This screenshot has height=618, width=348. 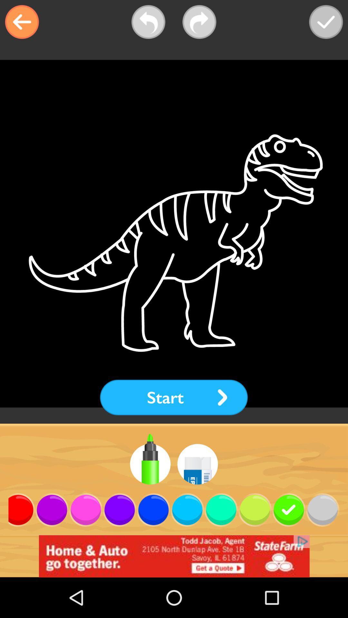 What do you see at coordinates (326, 22) in the screenshot?
I see `finish picture` at bounding box center [326, 22].